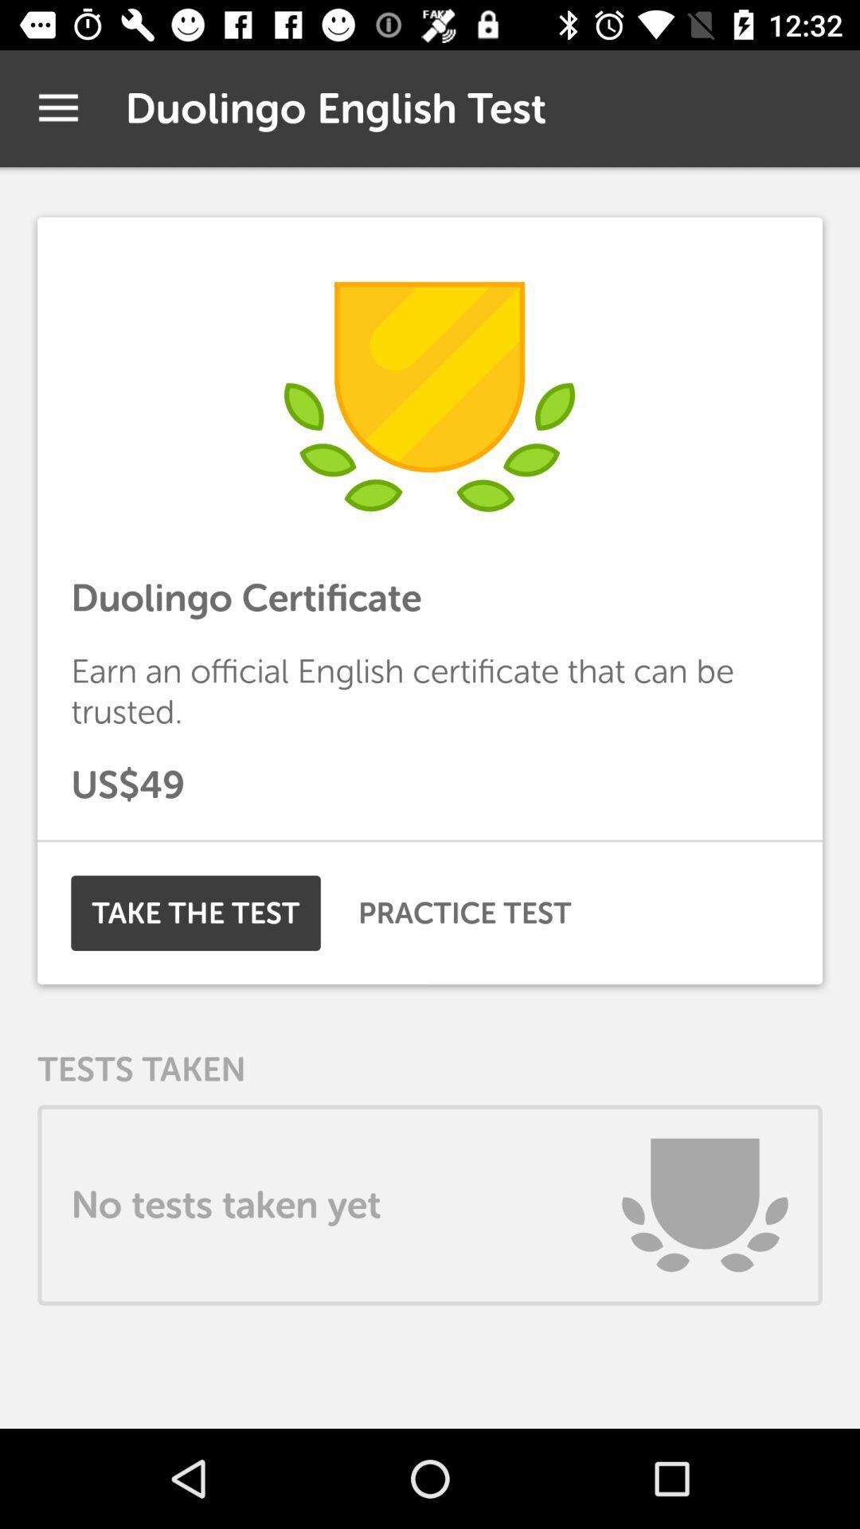 This screenshot has width=860, height=1529. Describe the element at coordinates (464, 913) in the screenshot. I see `the icon to the right of the take the test` at that location.